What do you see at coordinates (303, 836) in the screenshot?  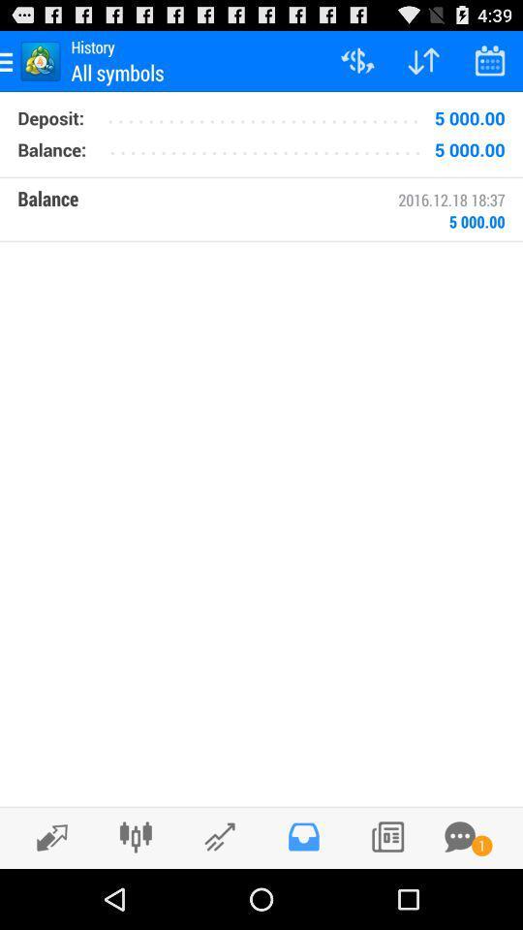 I see `inbox` at bounding box center [303, 836].